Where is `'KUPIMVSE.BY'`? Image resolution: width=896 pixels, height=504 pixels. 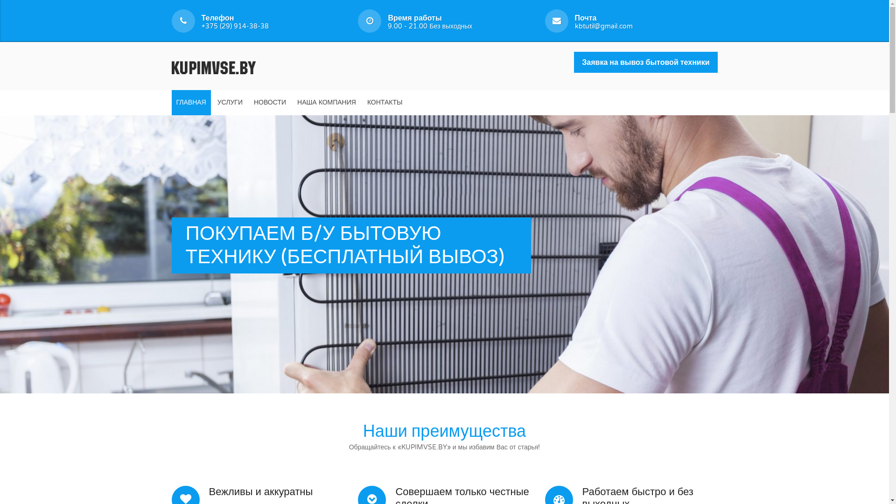 'KUPIMVSE.BY' is located at coordinates (213, 65).